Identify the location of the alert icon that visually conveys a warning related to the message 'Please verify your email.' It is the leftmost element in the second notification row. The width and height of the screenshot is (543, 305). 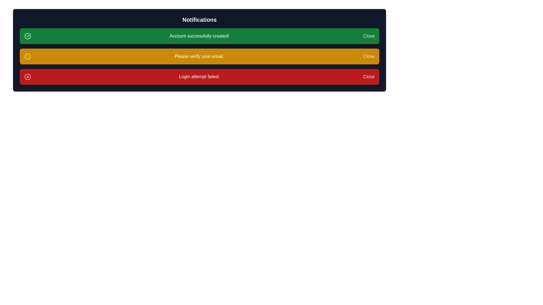
(27, 56).